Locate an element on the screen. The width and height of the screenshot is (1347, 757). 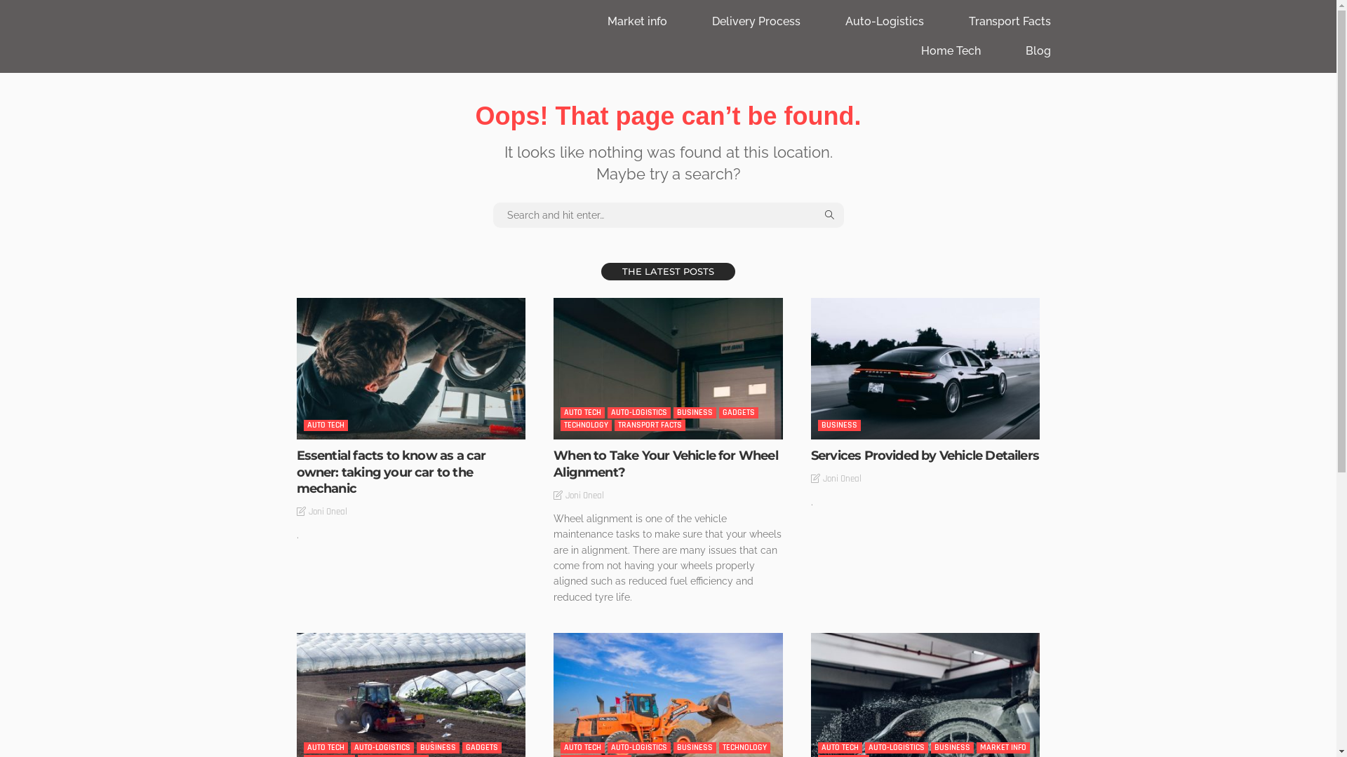
'Market info' is located at coordinates (636, 21).